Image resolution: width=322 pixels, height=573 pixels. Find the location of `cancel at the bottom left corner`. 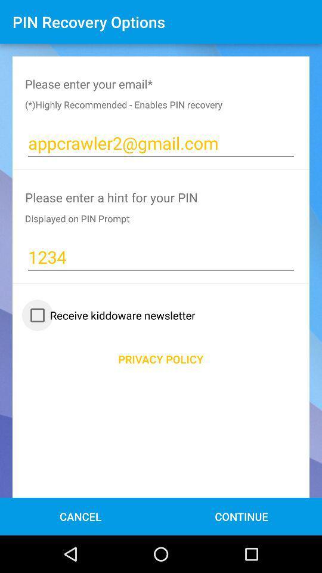

cancel at the bottom left corner is located at coordinates (80, 516).